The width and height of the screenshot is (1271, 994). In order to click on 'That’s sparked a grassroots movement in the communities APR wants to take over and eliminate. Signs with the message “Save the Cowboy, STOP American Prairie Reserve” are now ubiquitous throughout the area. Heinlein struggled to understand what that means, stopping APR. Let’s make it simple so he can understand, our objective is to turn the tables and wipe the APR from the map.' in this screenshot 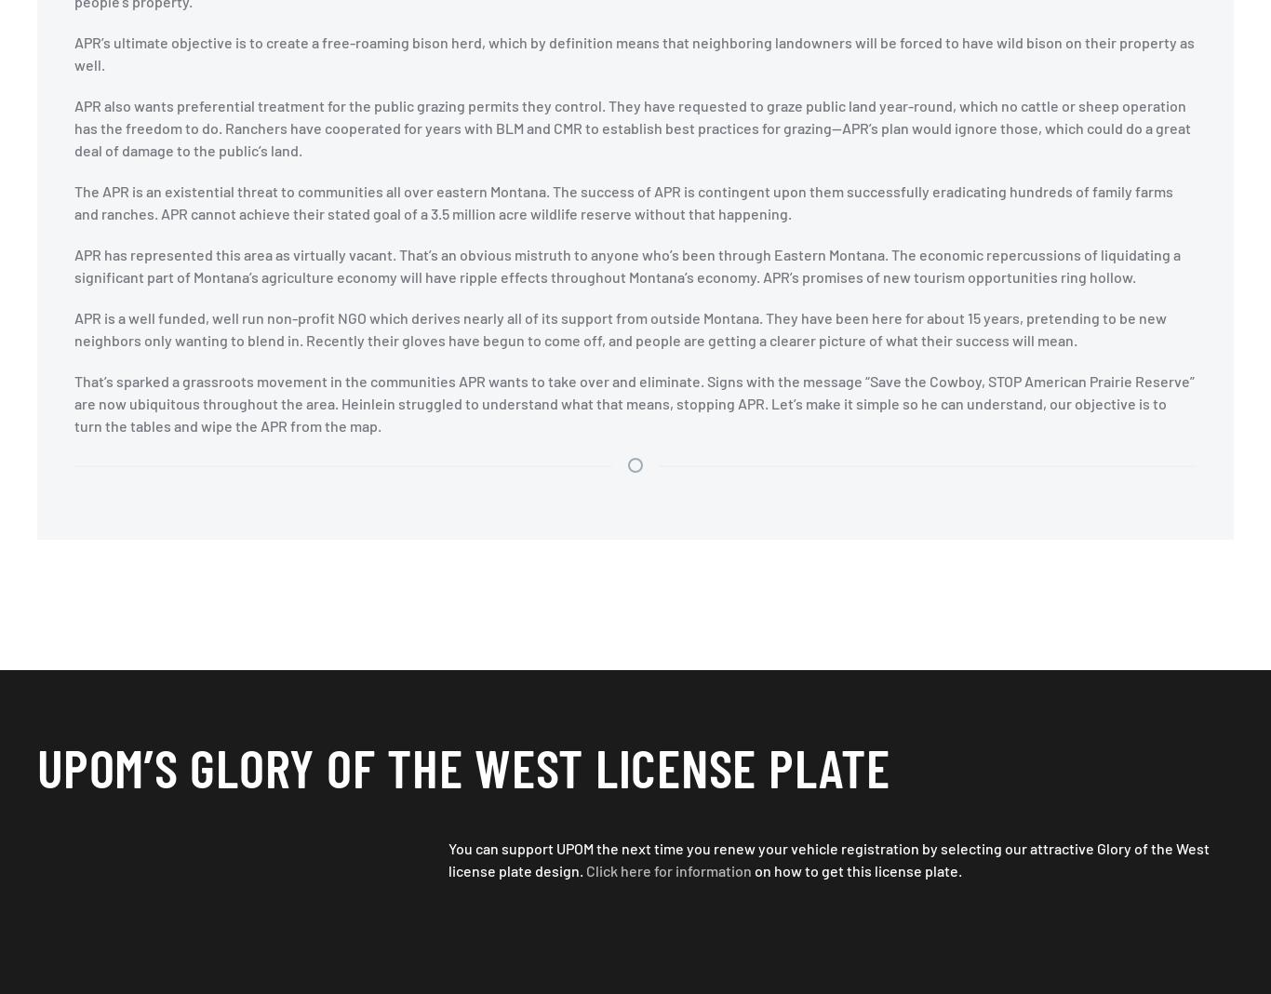, I will do `click(74, 403)`.